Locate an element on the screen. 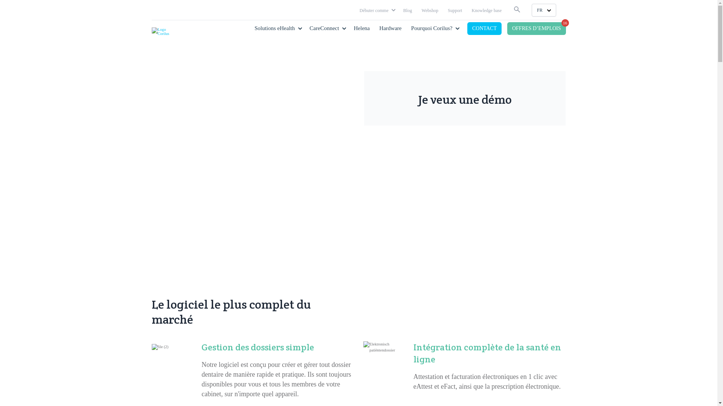  'CareConnect' is located at coordinates (309, 27).